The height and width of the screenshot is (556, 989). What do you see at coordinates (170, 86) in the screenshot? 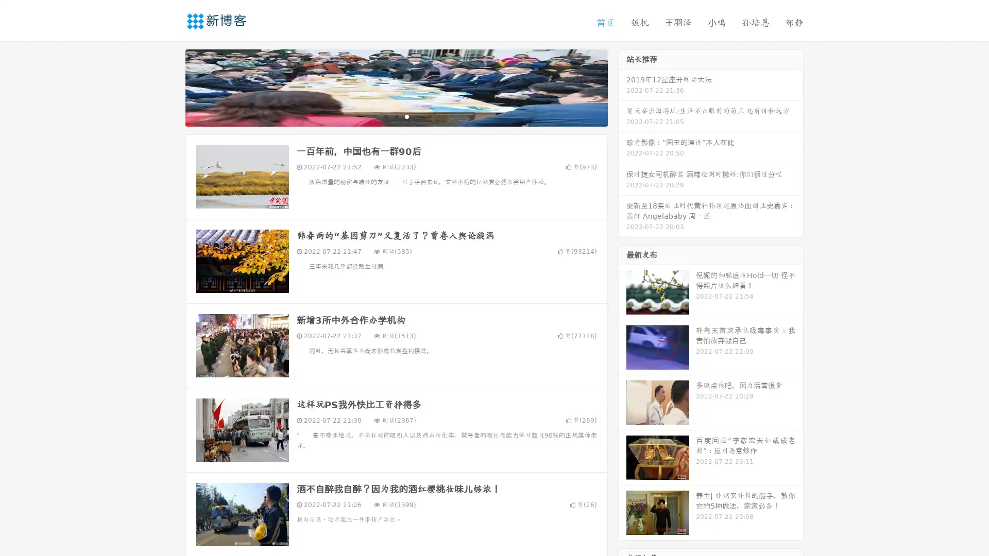
I see `Previous slide` at bounding box center [170, 86].